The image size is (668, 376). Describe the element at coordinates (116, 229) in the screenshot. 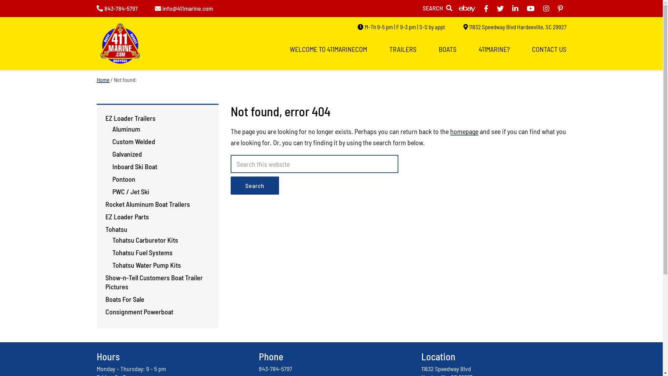

I see `'Tohatsu'` at that location.